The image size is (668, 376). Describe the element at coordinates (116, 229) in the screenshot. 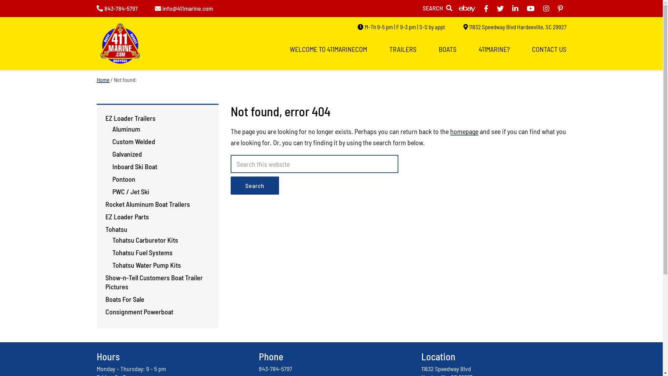

I see `'Tohatsu'` at that location.